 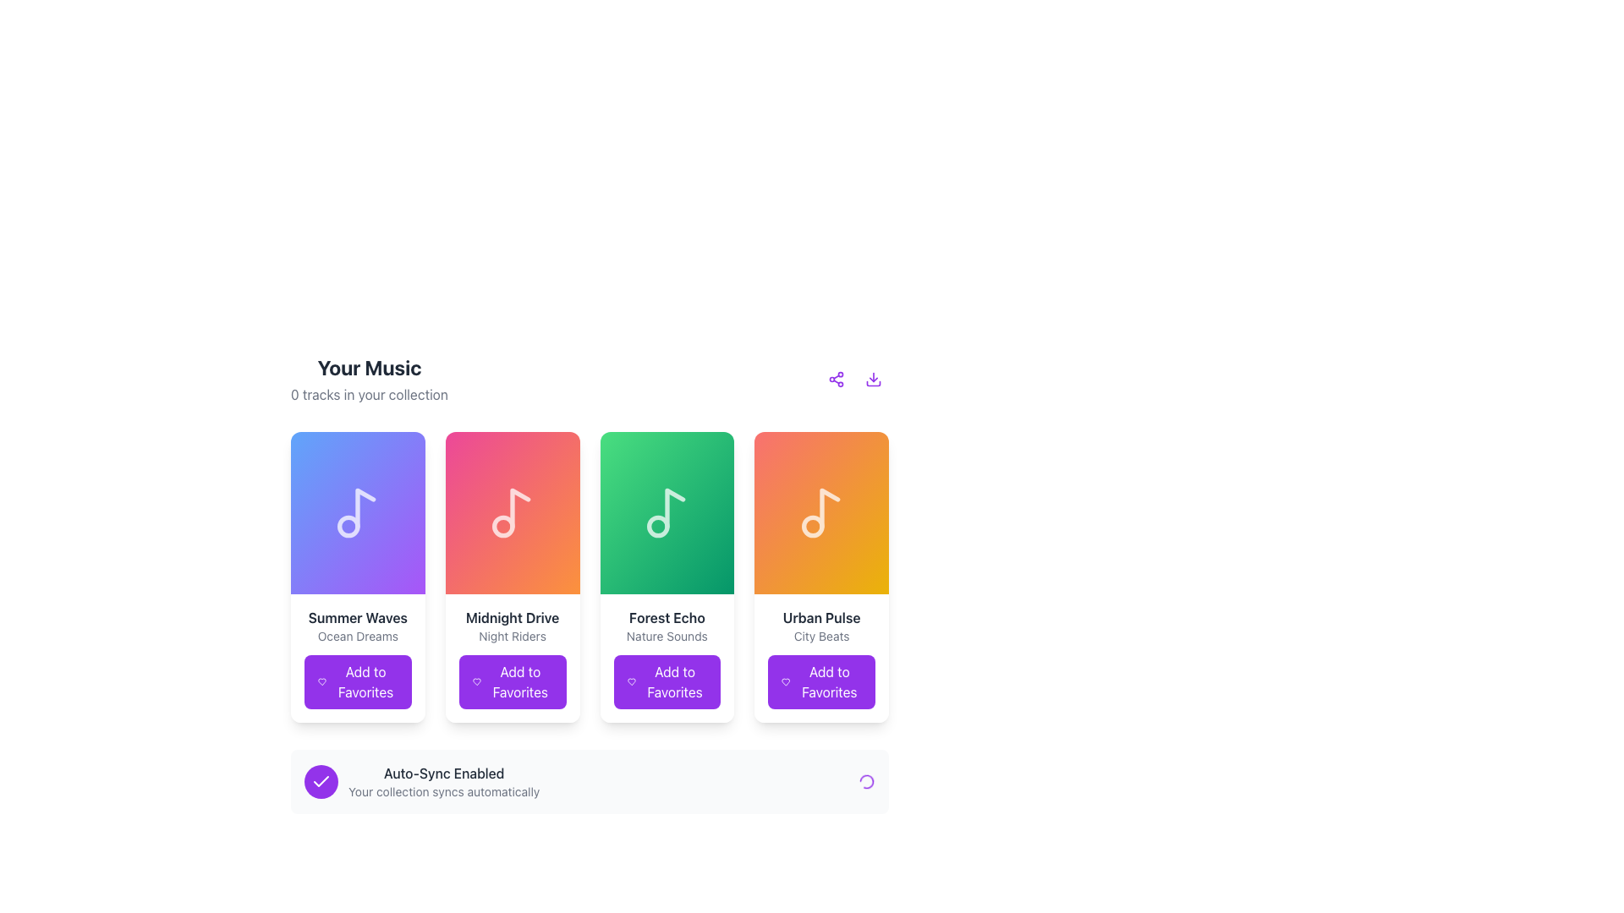 I want to click on the favorite button located at the bottom of the 'Urban Pulse' card in the horizontal list, so click(x=821, y=681).